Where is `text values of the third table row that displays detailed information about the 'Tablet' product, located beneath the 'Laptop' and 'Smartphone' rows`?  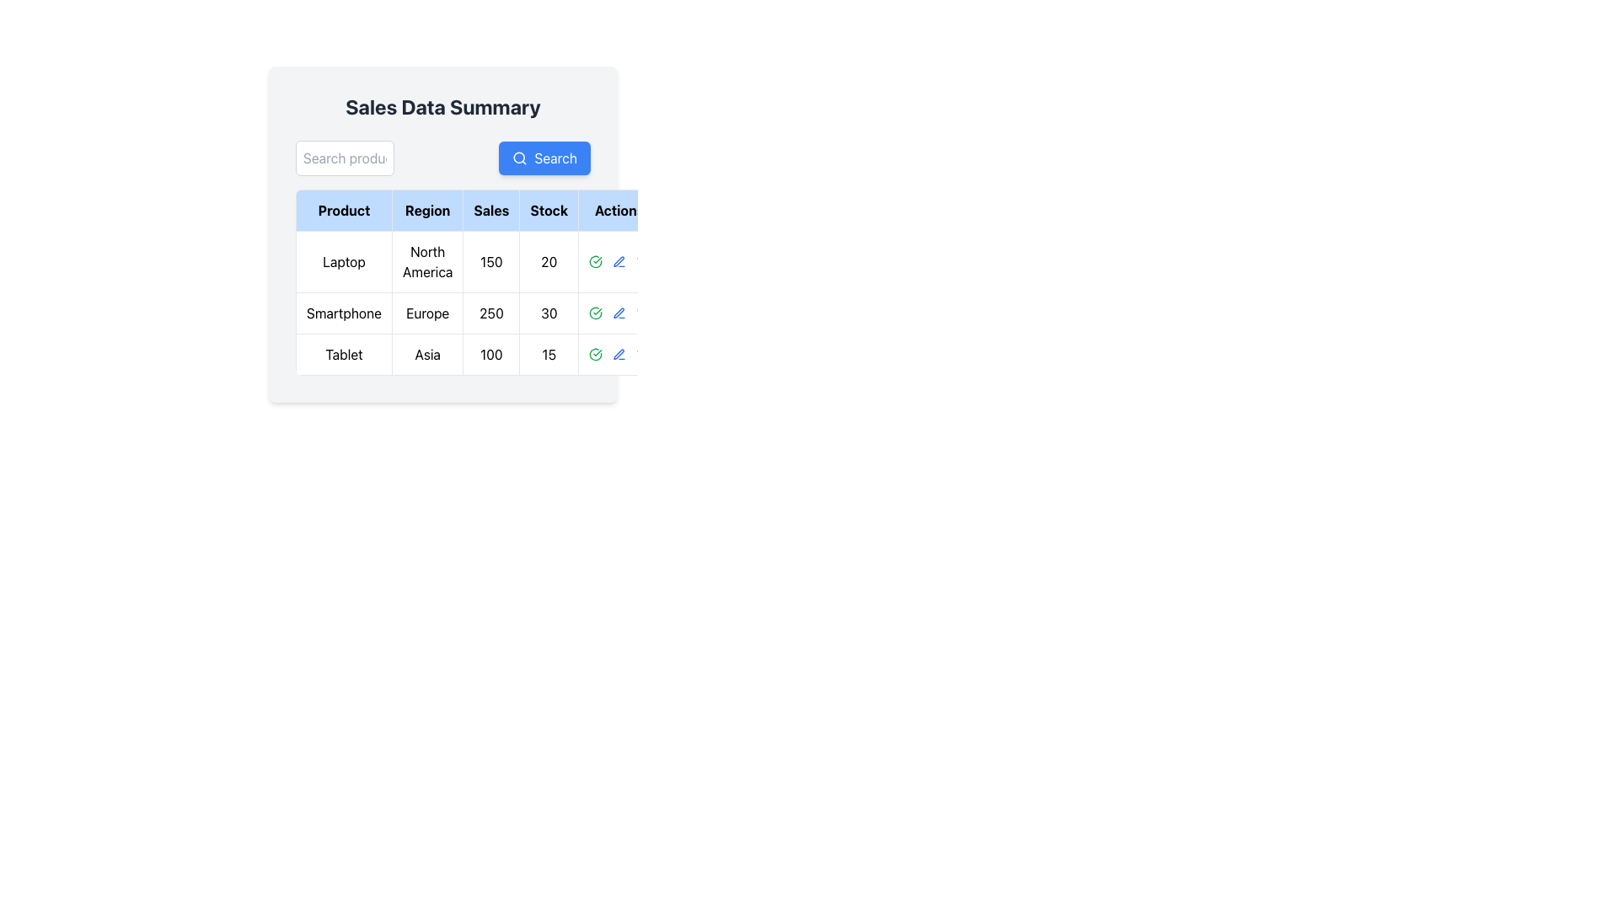
text values of the third table row that displays detailed information about the 'Tablet' product, located beneath the 'Laptop' and 'Smartphone' rows is located at coordinates (477, 353).